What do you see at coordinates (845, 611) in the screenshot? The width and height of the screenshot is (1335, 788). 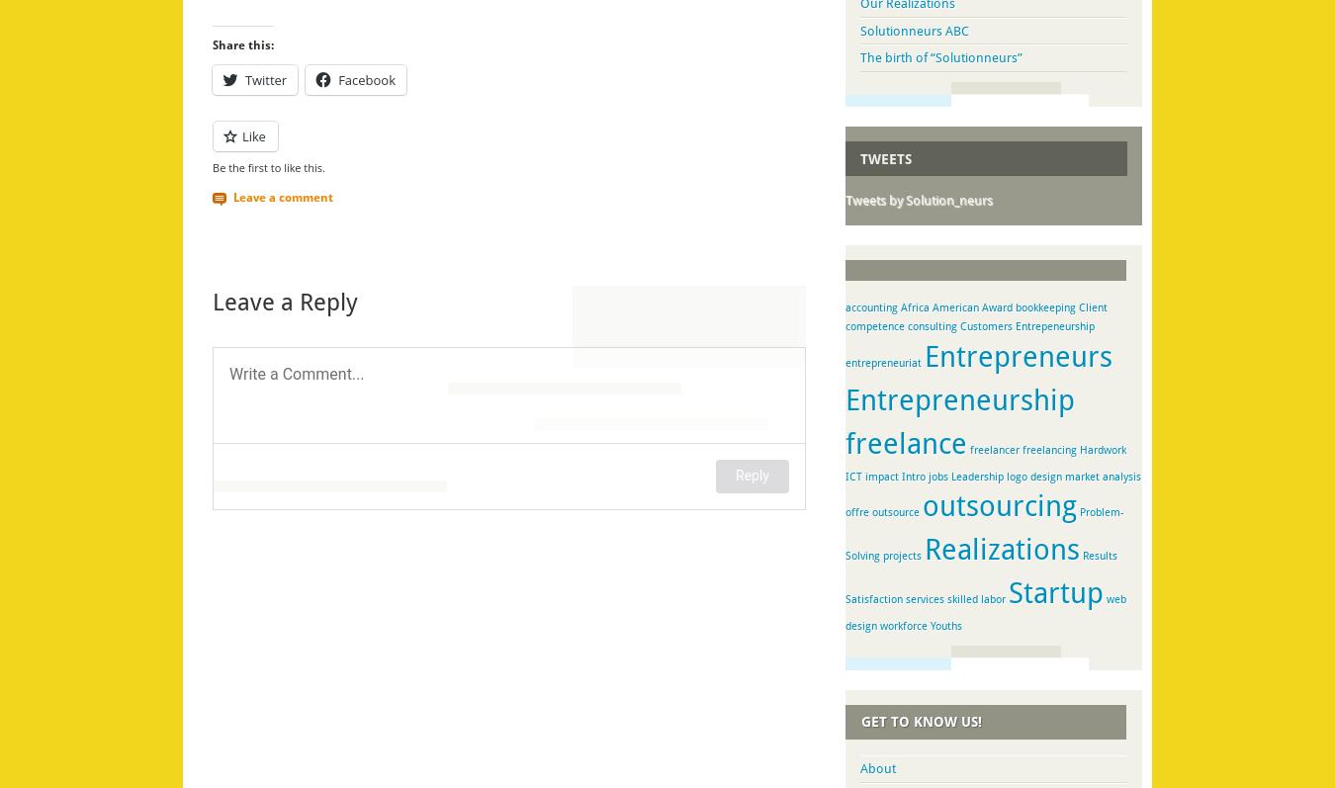 I see `'web design'` at bounding box center [845, 611].